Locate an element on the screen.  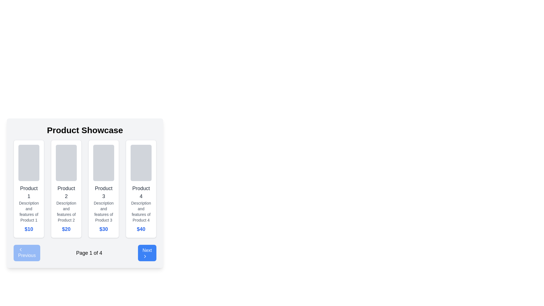
the image placeholder located at the top of the 'Product 4' section is located at coordinates (141, 163).